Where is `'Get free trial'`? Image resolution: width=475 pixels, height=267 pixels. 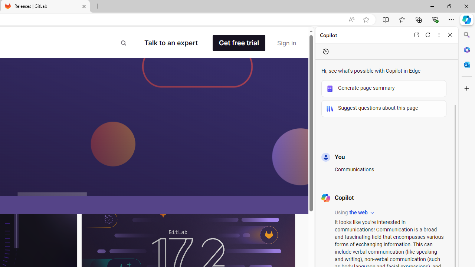 'Get free trial' is located at coordinates (239, 43).